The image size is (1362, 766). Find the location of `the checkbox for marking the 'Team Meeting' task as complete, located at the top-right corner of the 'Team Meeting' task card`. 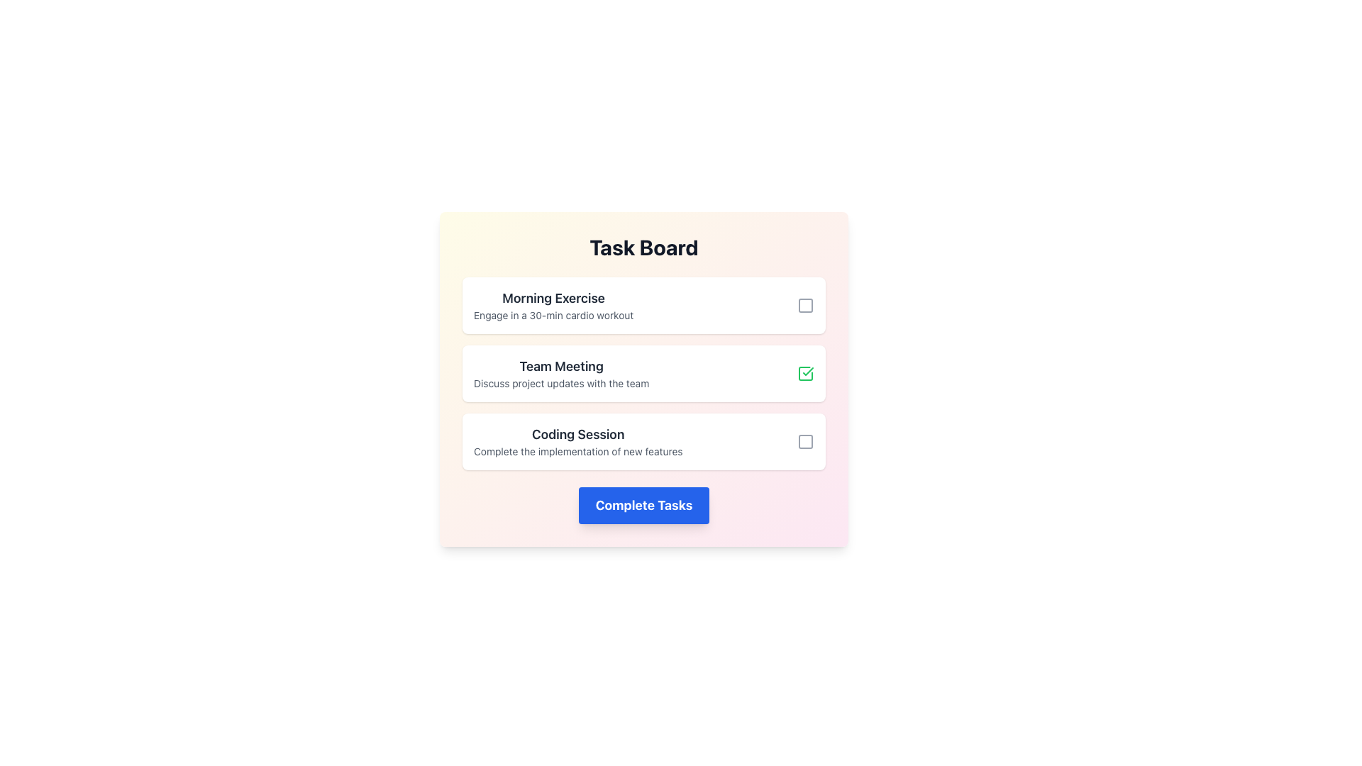

the checkbox for marking the 'Team Meeting' task as complete, located at the top-right corner of the 'Team Meeting' task card is located at coordinates (806, 373).